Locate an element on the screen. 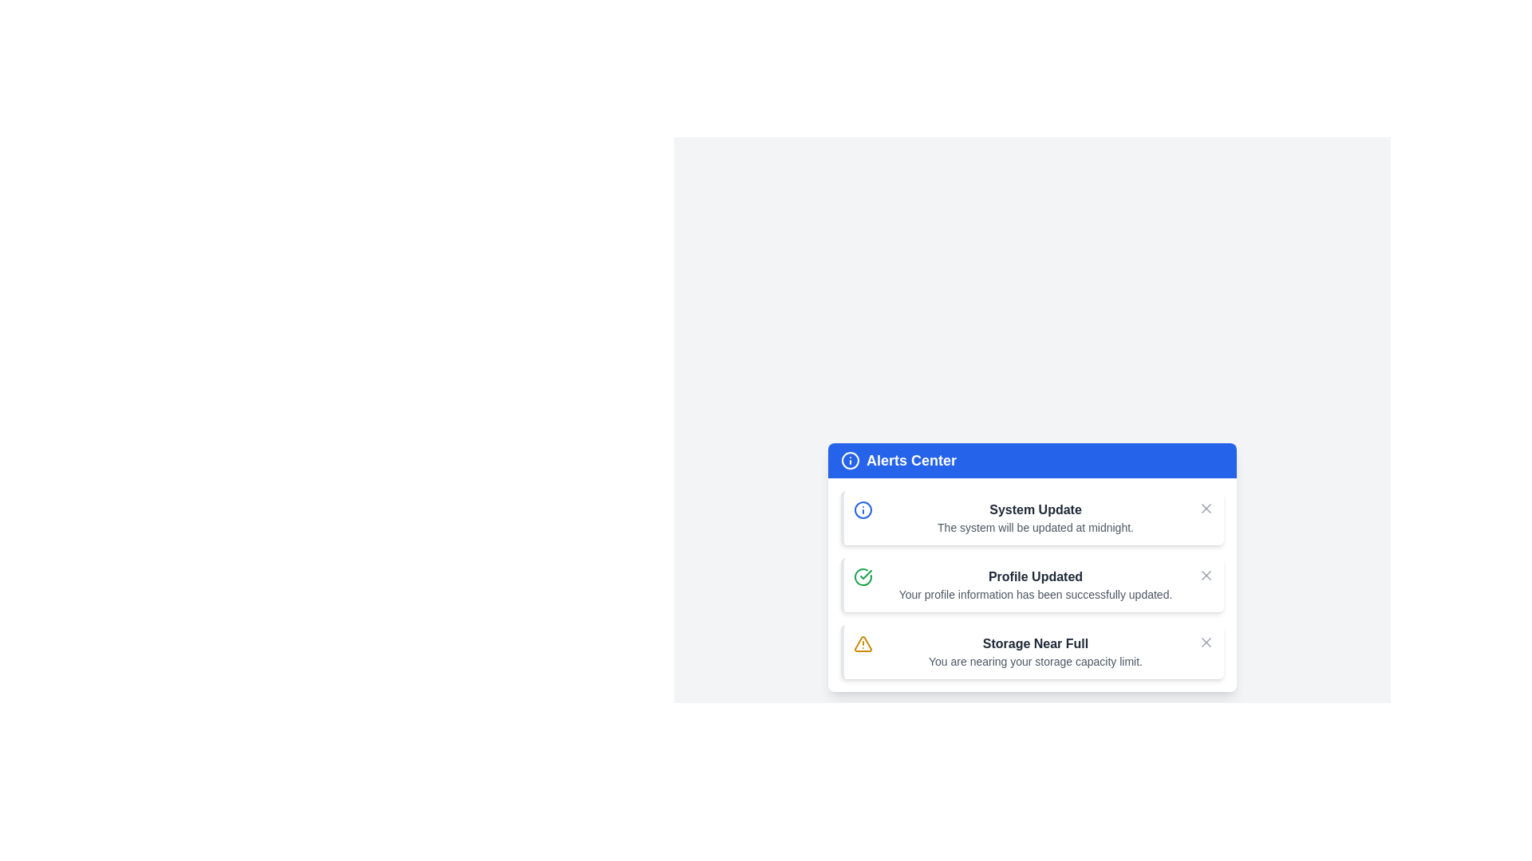 This screenshot has height=861, width=1532. the circular blue icon with an information symbol located to the left of the 'System Update' message in the notification card is located at coordinates (862, 510).